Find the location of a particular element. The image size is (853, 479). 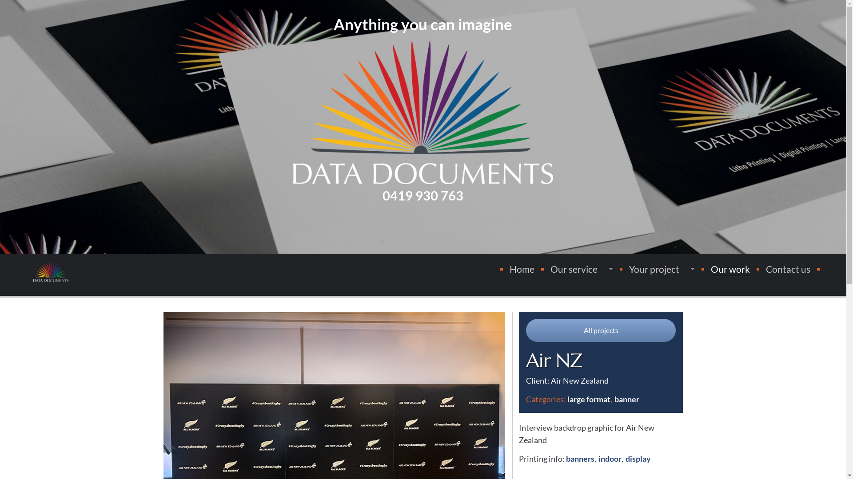

'Your project' is located at coordinates (662, 268).